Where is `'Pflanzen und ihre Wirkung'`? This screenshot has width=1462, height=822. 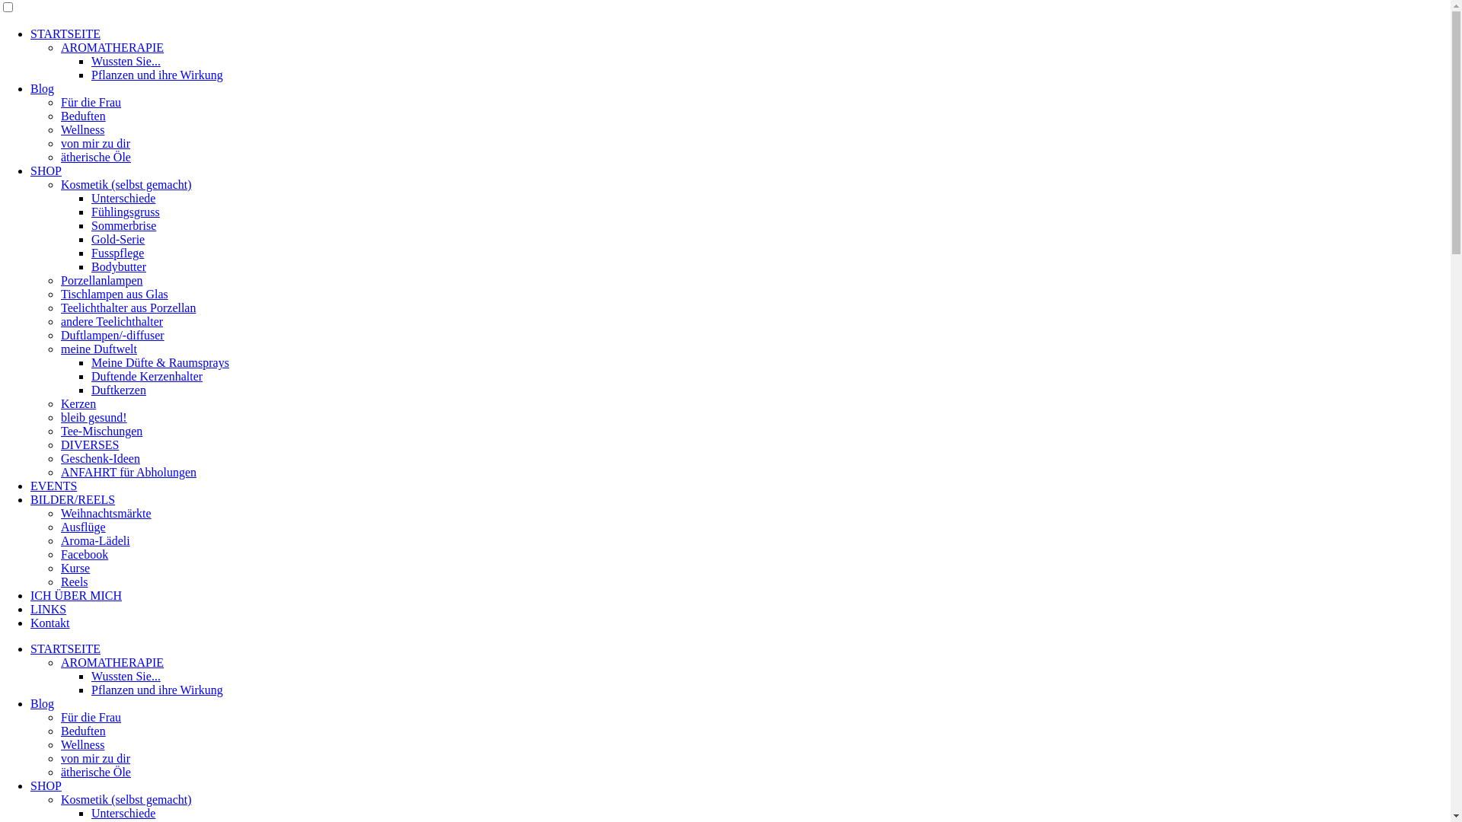
'Pflanzen und ihre Wirkung' is located at coordinates (157, 75).